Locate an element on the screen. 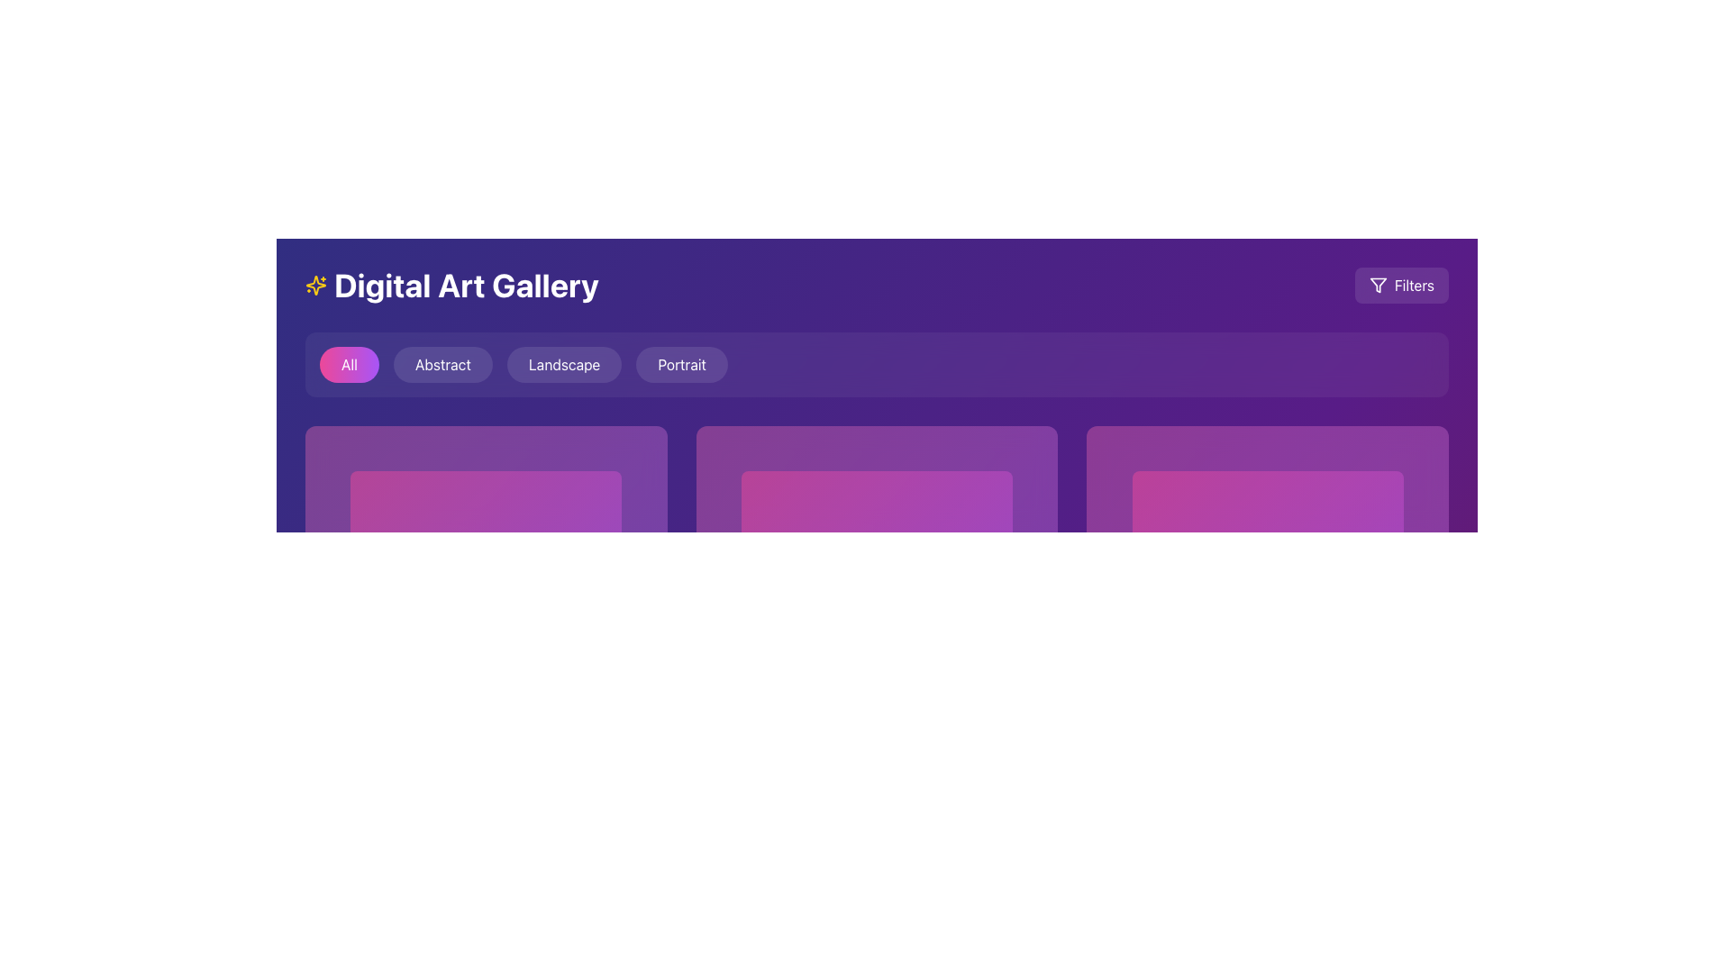 The height and width of the screenshot is (973, 1730). the 'Portrait' category filter button, which is the fourth button in a row of four buttons labeled 'All', 'Abstract', 'Landscape', and 'Portrait', to observe the hover effect is located at coordinates (681, 365).